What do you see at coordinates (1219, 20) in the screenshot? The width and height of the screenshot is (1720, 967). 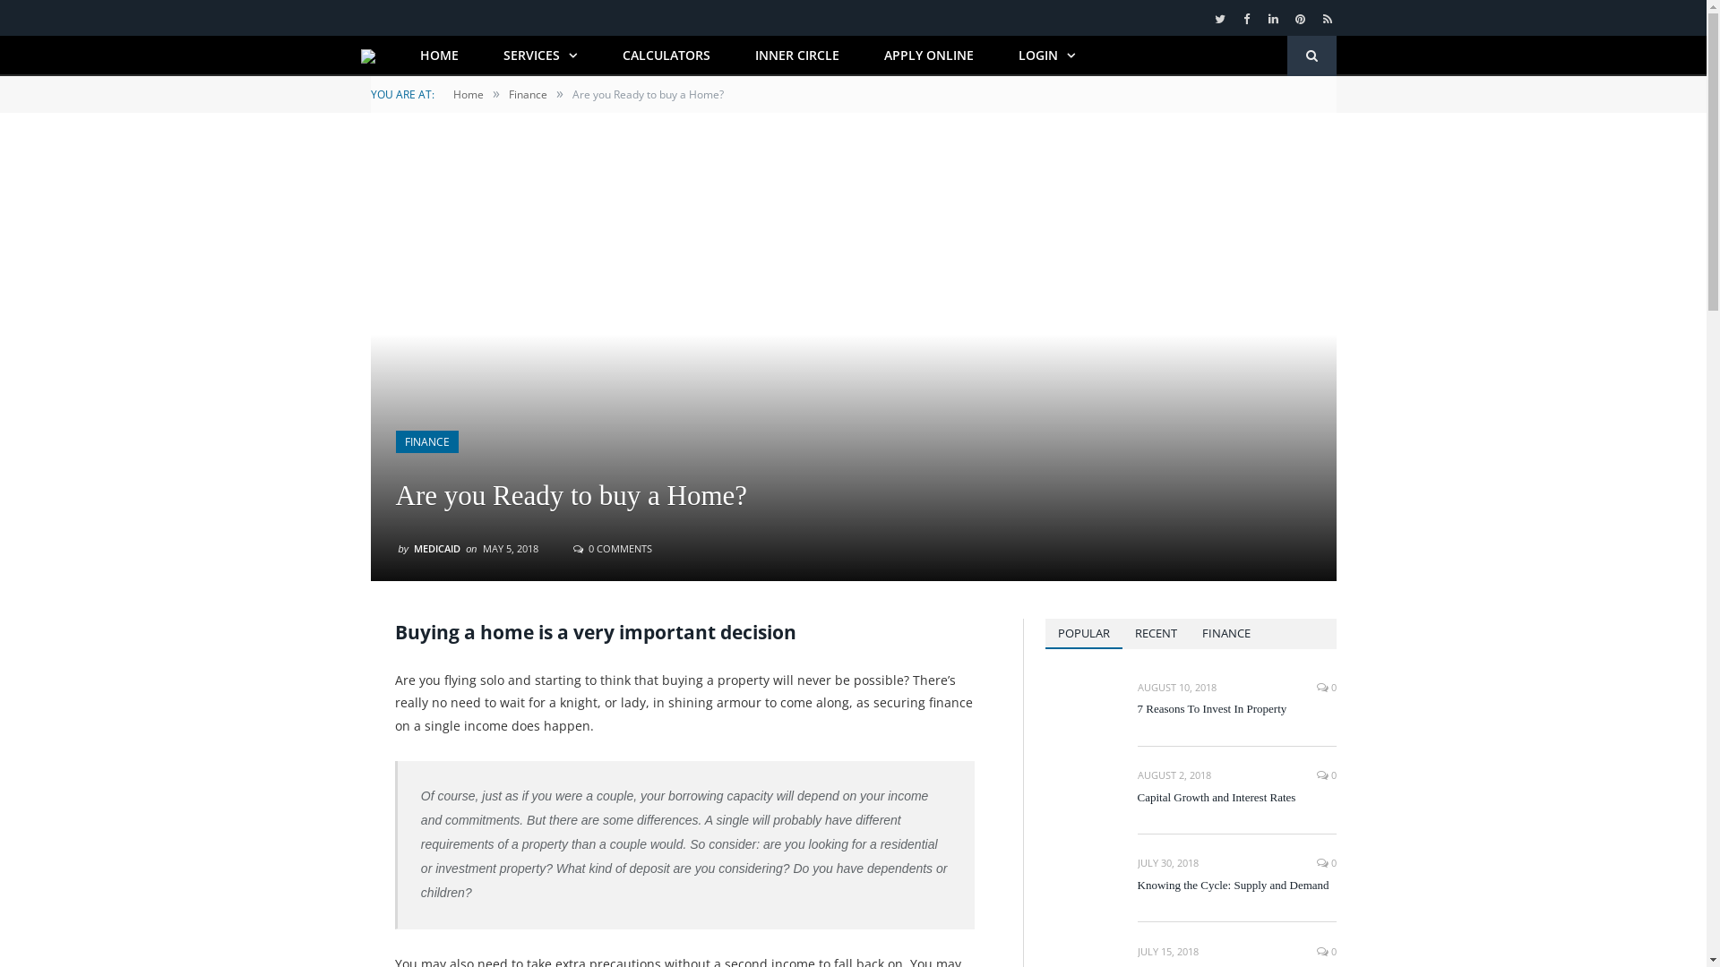 I see `'Twitter'` at bounding box center [1219, 20].